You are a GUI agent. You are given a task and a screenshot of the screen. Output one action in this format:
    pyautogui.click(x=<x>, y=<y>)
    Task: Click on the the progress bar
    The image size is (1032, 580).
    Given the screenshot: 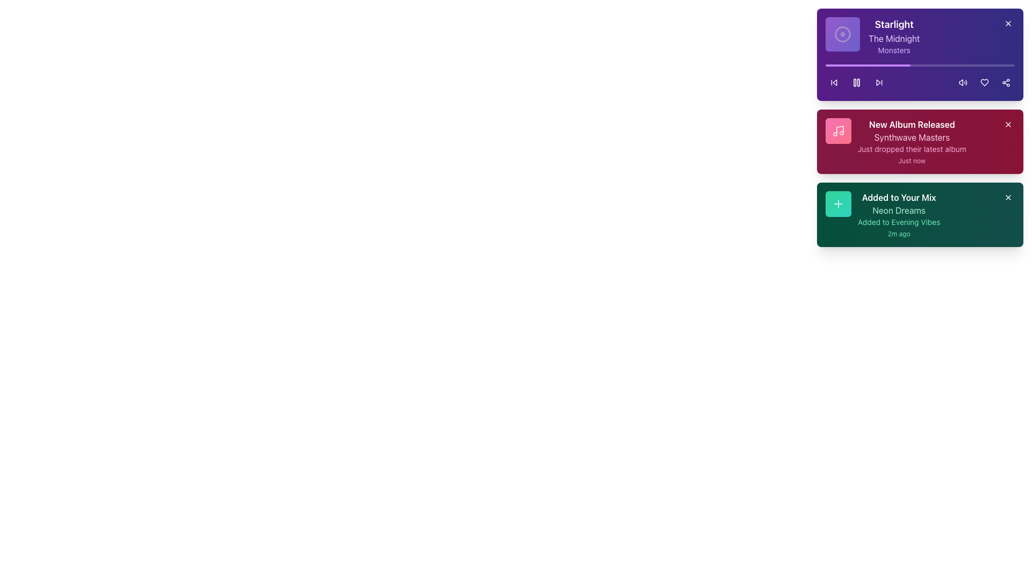 What is the action you would take?
    pyautogui.click(x=900, y=66)
    